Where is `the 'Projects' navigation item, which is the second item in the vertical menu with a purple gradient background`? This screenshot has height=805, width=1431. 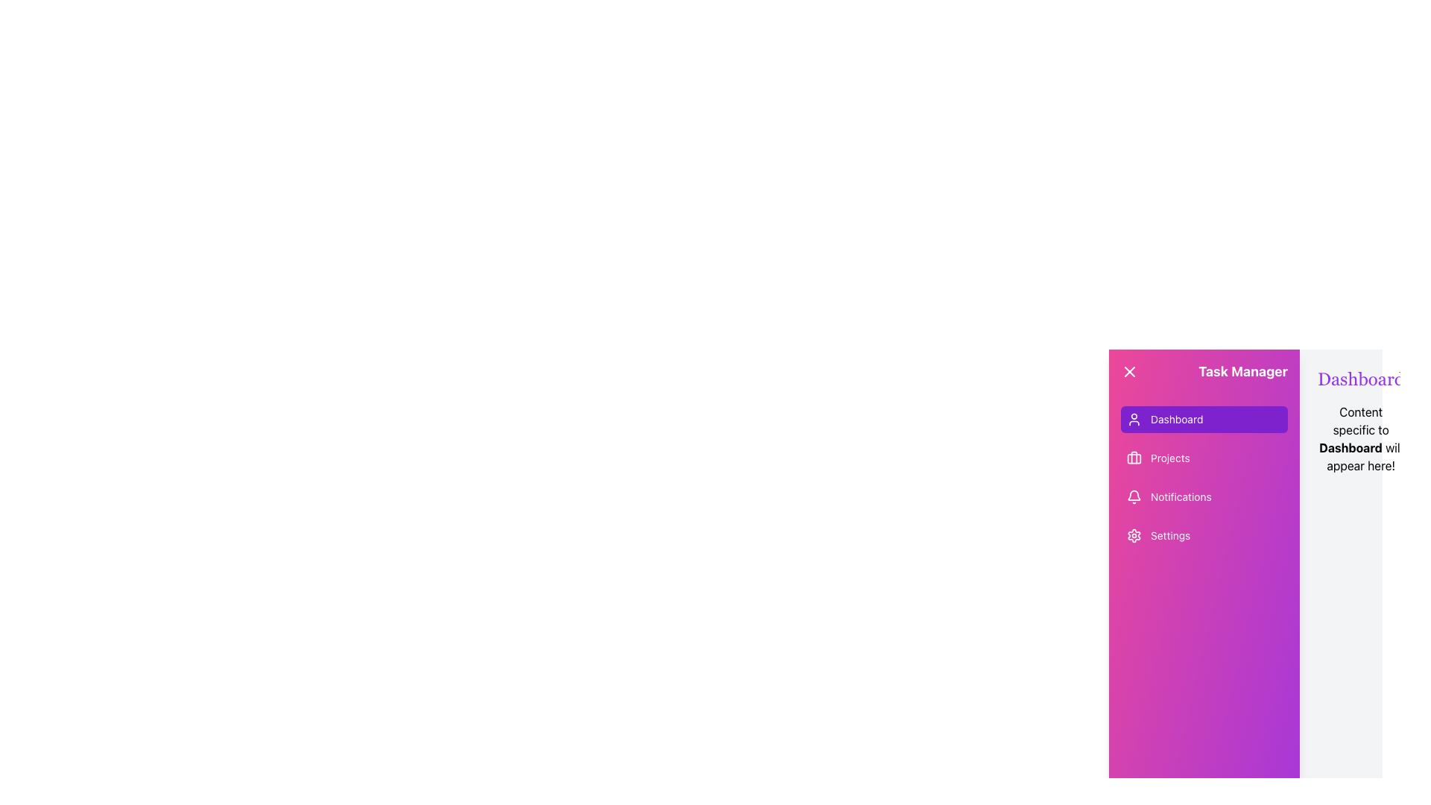
the 'Projects' navigation item, which is the second item in the vertical menu with a purple gradient background is located at coordinates (1204, 457).